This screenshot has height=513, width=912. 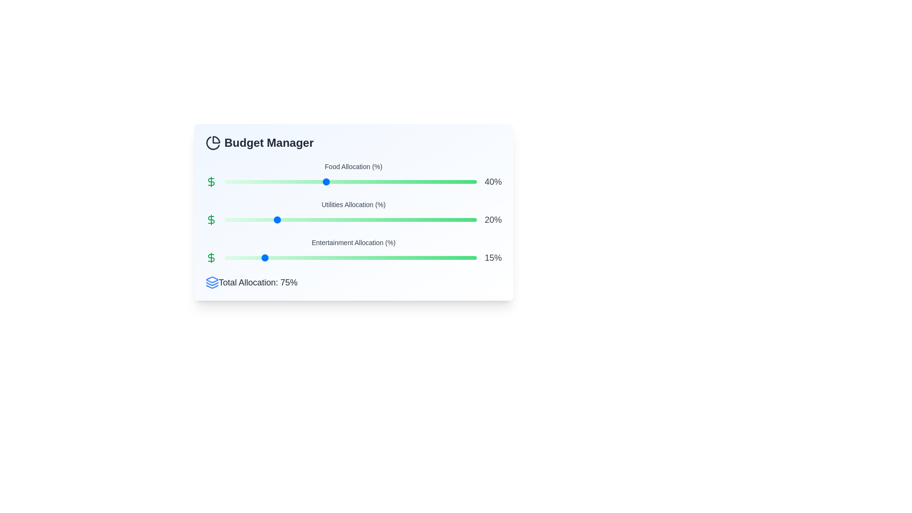 I want to click on the Food Allocation slider to 53%, so click(x=358, y=181).